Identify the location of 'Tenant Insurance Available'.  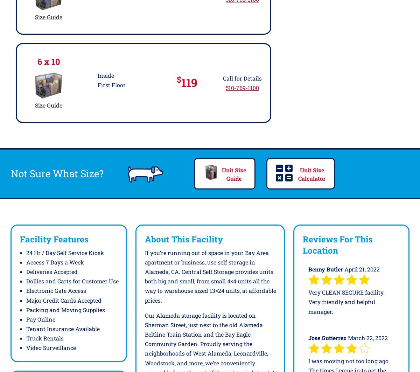
(63, 328).